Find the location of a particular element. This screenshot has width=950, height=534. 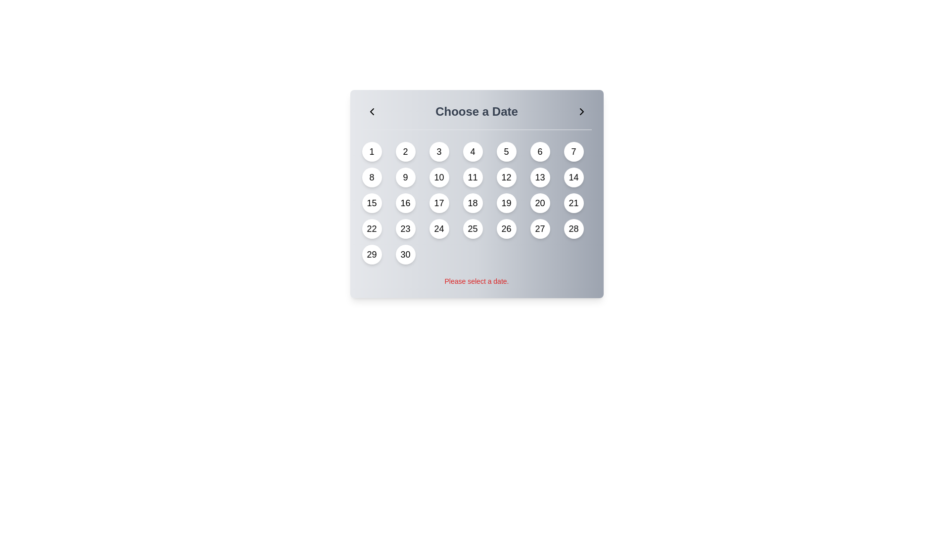

the '13' date button in the calendar interface is located at coordinates (539, 177).